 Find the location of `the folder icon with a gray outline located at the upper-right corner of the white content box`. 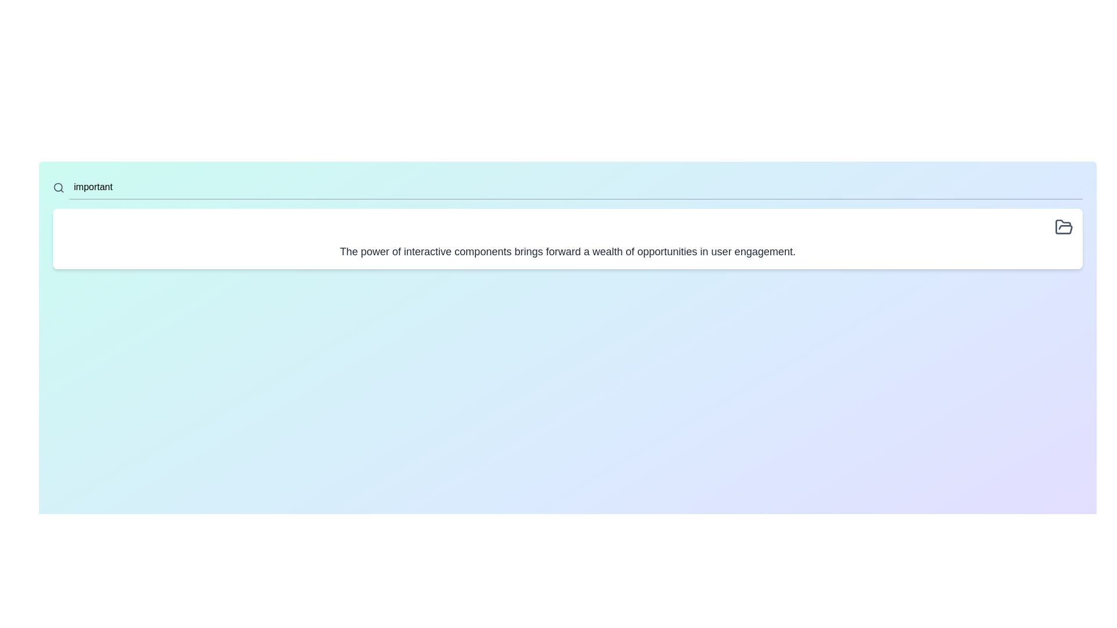

the folder icon with a gray outline located at the upper-right corner of the white content box is located at coordinates (1063, 227).